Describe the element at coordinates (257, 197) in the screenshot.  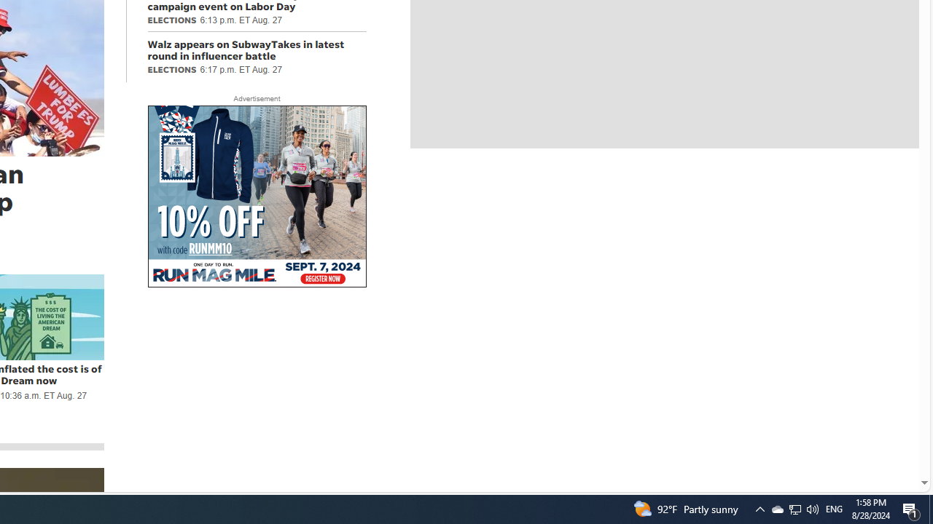
I see `'AutomationID: aw0'` at that location.